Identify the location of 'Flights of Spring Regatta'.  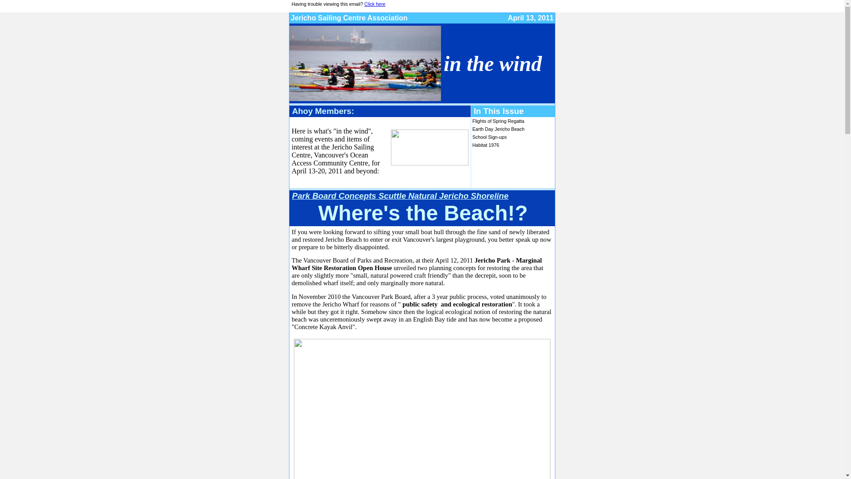
(472, 121).